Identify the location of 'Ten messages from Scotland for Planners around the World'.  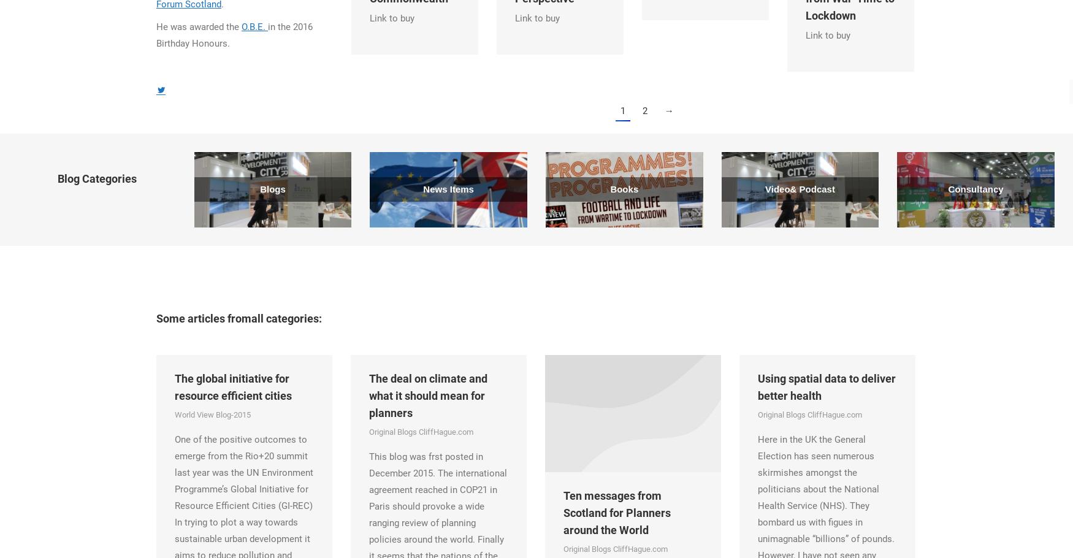
(616, 513).